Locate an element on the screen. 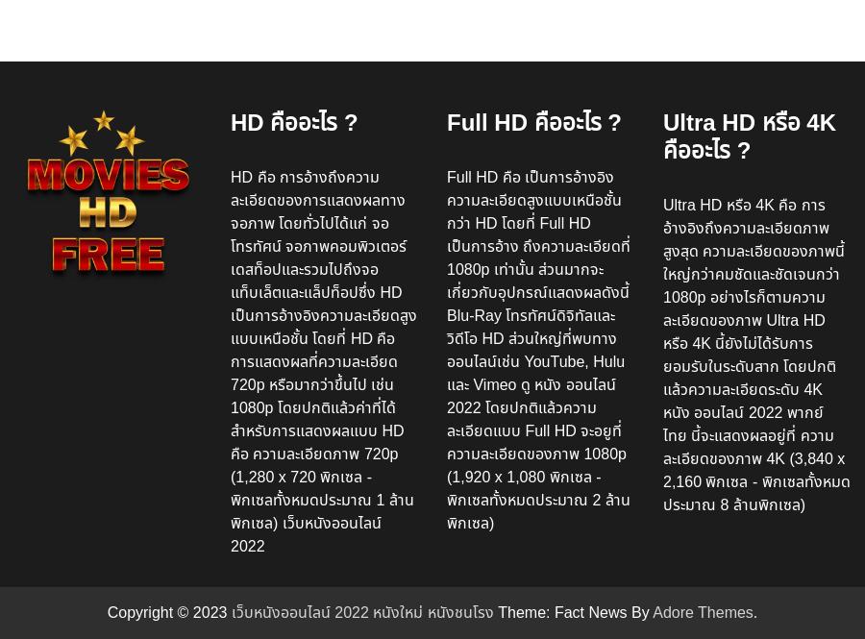 The height and width of the screenshot is (639, 865). 'Ultra HD หรือ 4K คือ การอ้างอิงถึงความละเอียดภาพสูงสุด ความละเอียดของภาพนี้ใหญ่กว่าคมชัดและชัดเจนกว่า 1080p อย่างไรก็ตามความละเอียดของภาพ Ultra HD หรือ 4K นี้ยังไม่ได้รับการยอมรับในระดับสาก โดยปกติแล้วความละเอียดระดับ 4K หนัง ออนไลน์ 2022 พากย์ ไทย นี้จะแสดงผลอยู่ที่ ความละเอียดของภาพ 4K (3,840 x 2,160 พิกเซล - พิกเซลทั้งหมดประมาณ 8 ล้านพิกเซล)' is located at coordinates (754, 353).